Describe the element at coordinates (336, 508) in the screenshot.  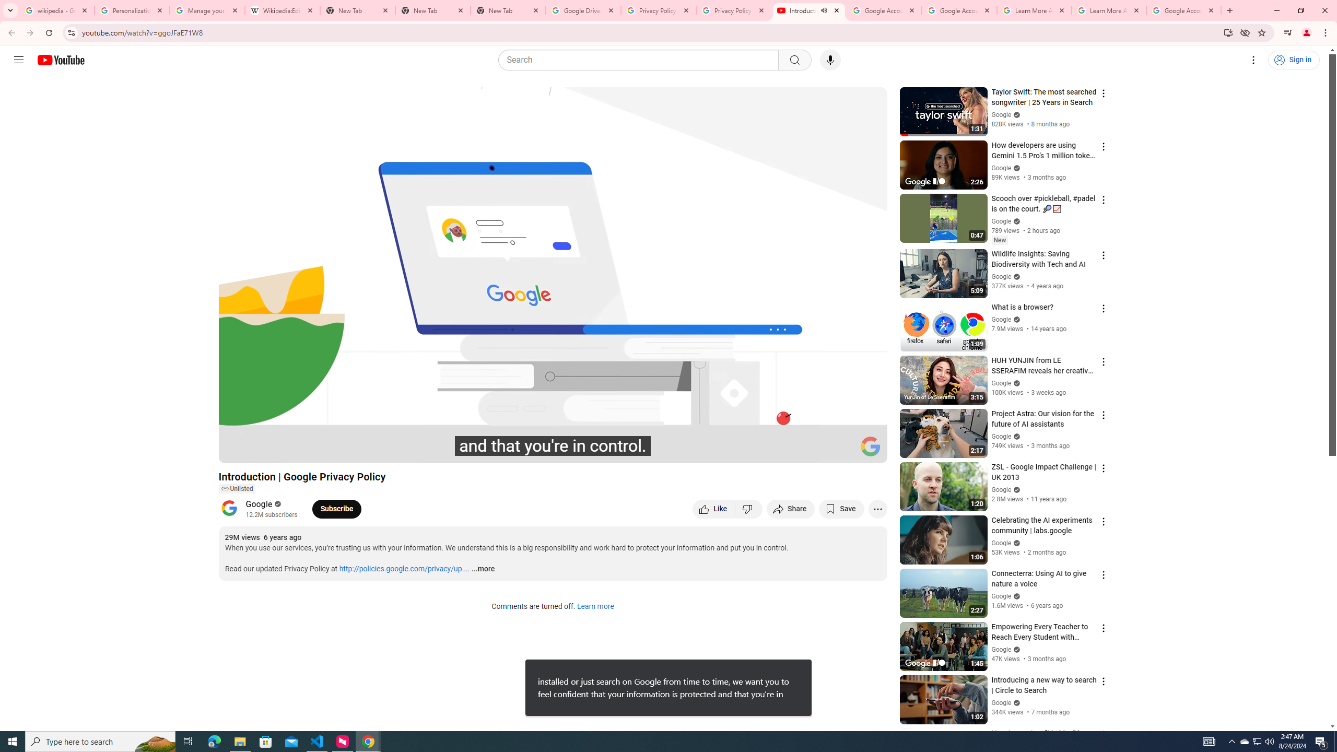
I see `'Subscribe to Google.'` at that location.